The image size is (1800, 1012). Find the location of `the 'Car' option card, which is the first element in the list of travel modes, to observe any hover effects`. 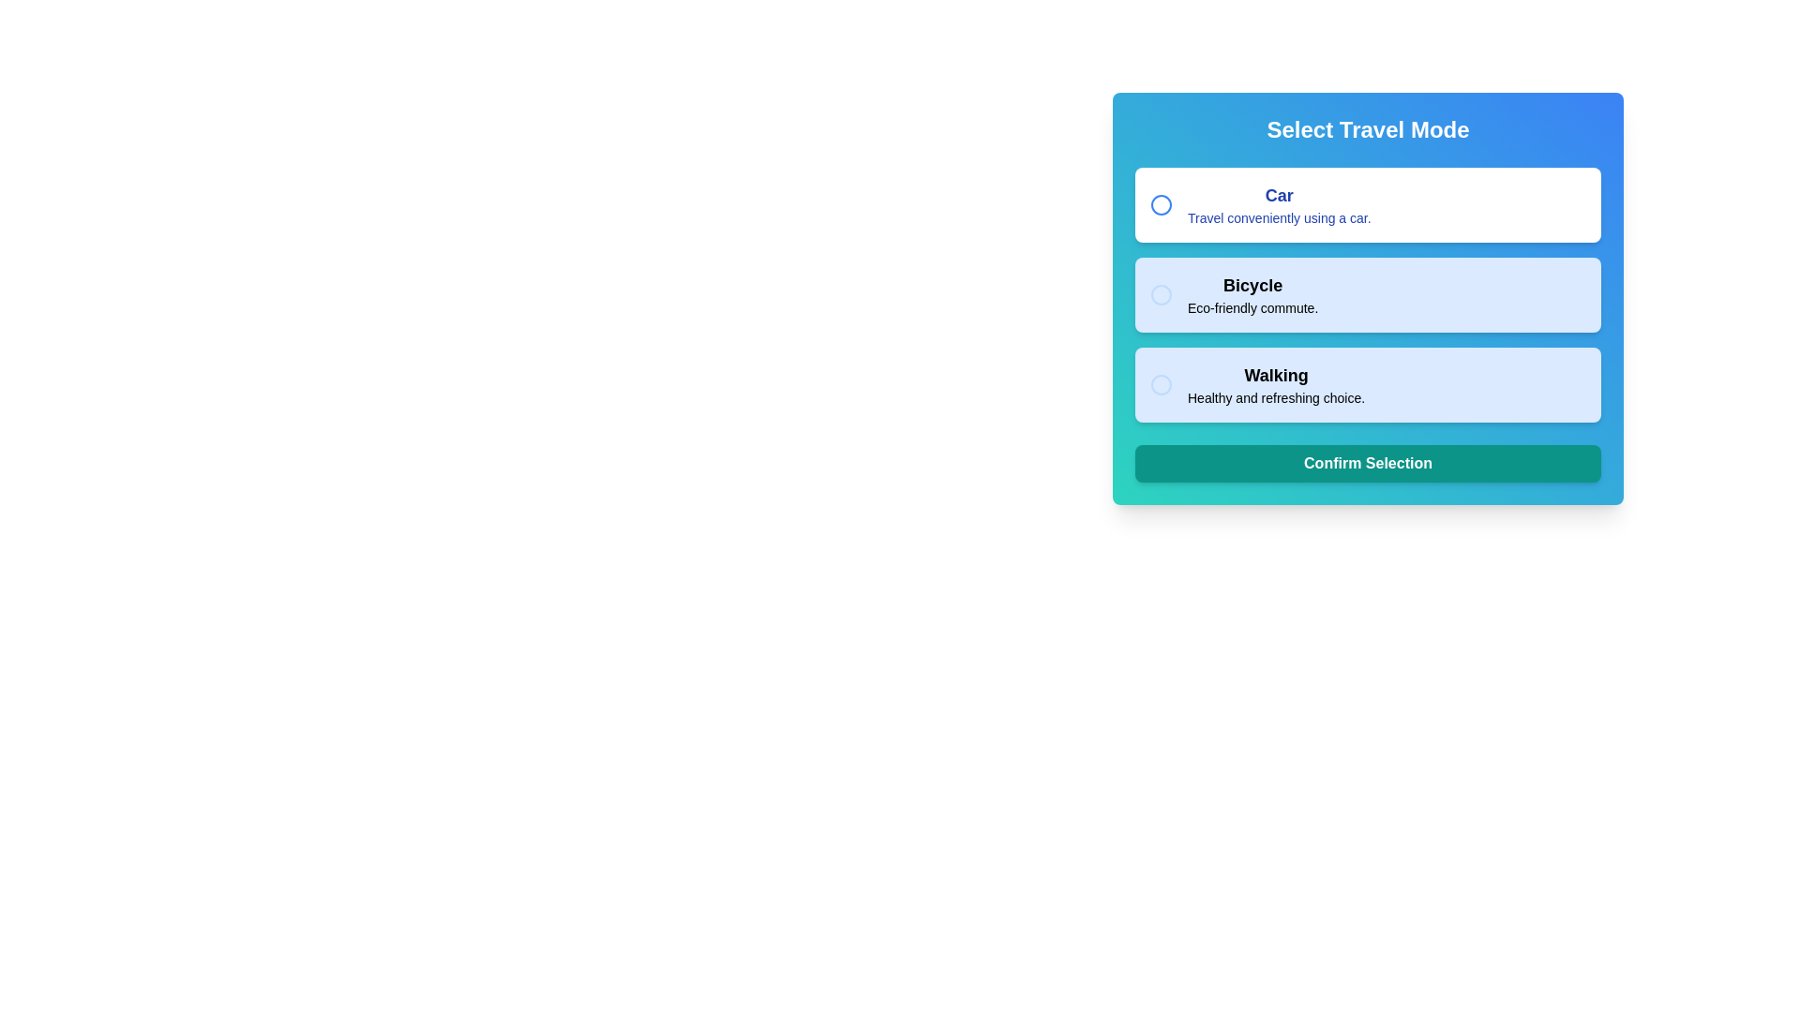

the 'Car' option card, which is the first element in the list of travel modes, to observe any hover effects is located at coordinates (1368, 205).